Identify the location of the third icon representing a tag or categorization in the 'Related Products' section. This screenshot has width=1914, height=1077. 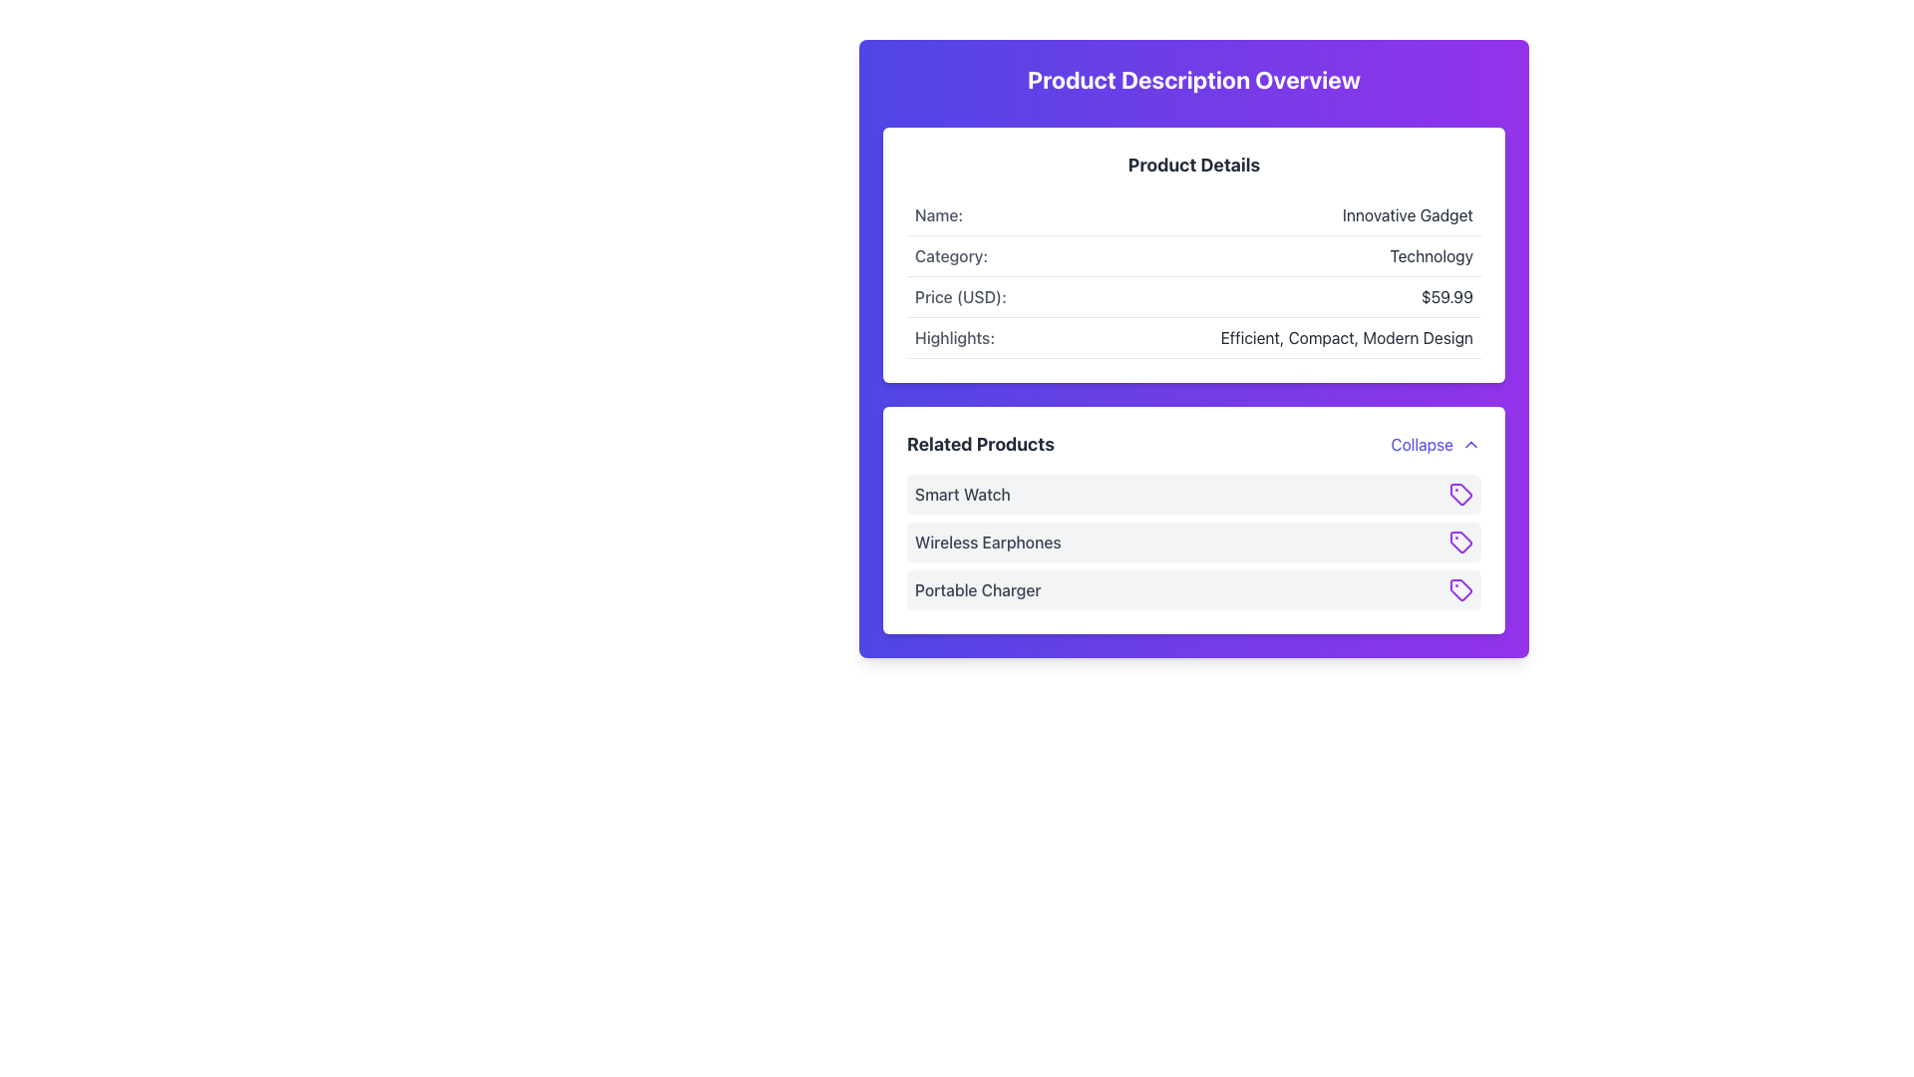
(1460, 588).